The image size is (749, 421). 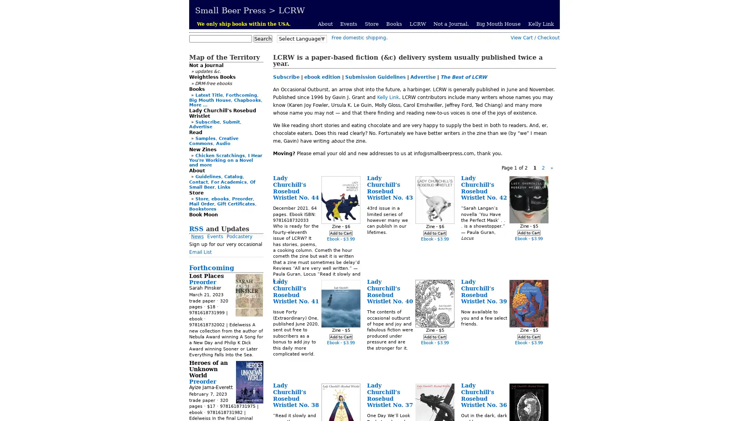 What do you see at coordinates (434, 232) in the screenshot?
I see `Add to Cart` at bounding box center [434, 232].